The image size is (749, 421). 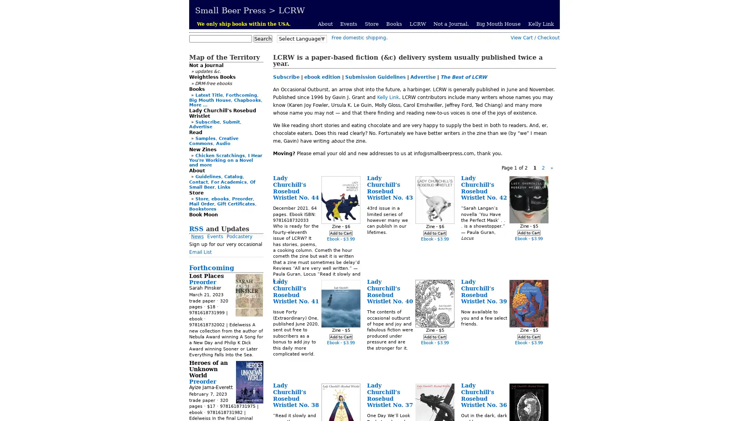 What do you see at coordinates (434, 232) in the screenshot?
I see `Add to Cart` at bounding box center [434, 232].